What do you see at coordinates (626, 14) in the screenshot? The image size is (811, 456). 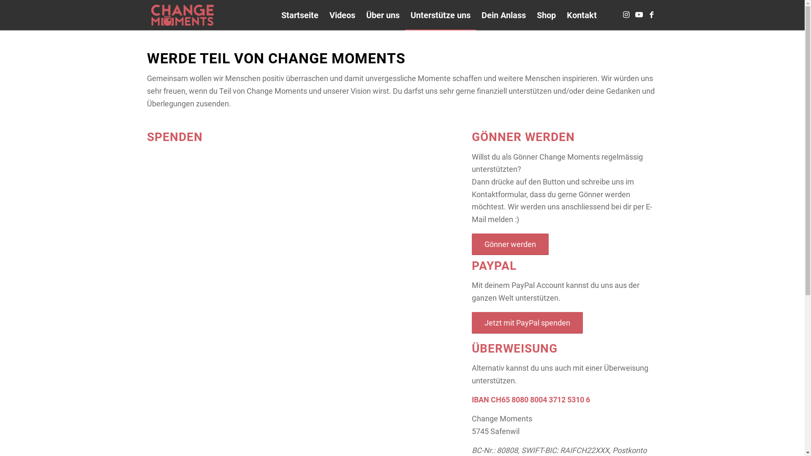 I see `'Instagram'` at bounding box center [626, 14].